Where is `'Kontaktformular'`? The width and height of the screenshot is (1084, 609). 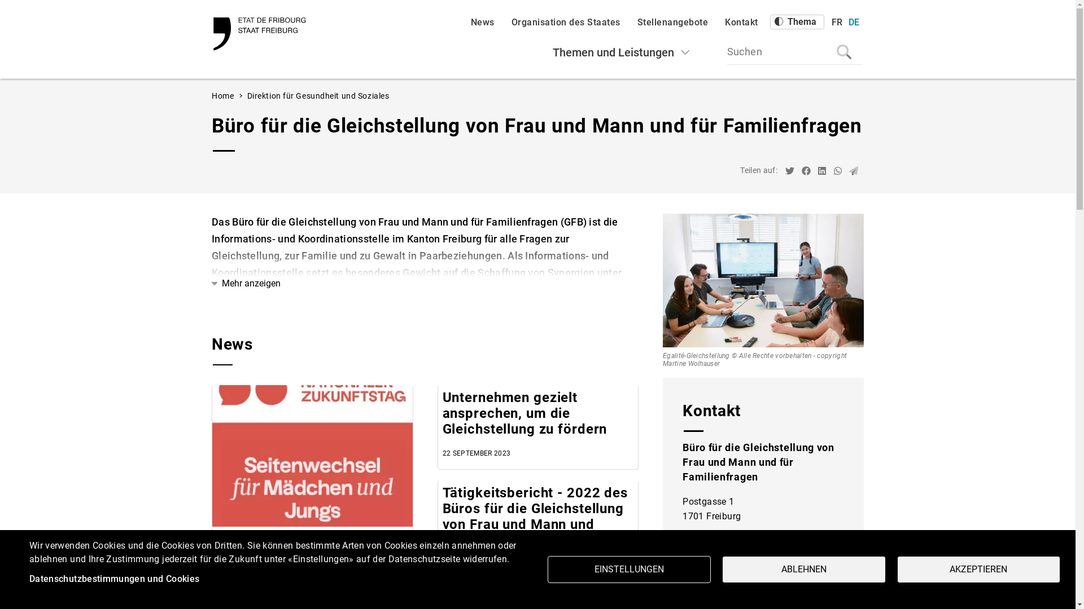
'Kontaktformular' is located at coordinates (763, 594).